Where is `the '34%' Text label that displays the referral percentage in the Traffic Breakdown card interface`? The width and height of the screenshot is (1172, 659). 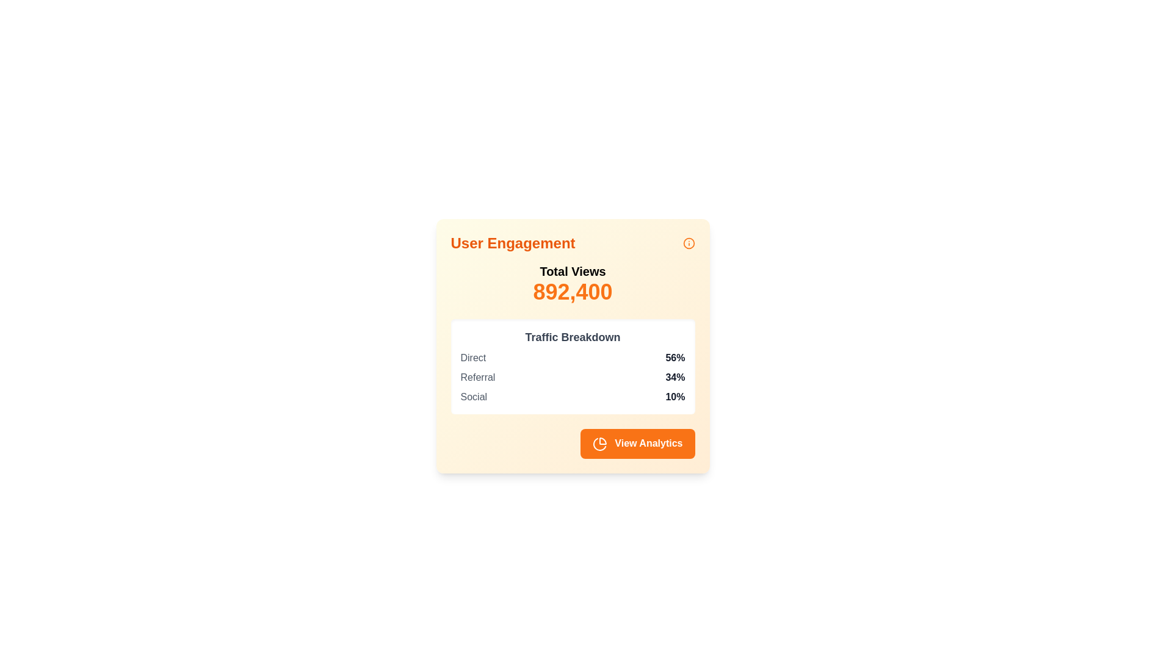
the '34%' Text label that displays the referral percentage in the Traffic Breakdown card interface is located at coordinates (675, 376).